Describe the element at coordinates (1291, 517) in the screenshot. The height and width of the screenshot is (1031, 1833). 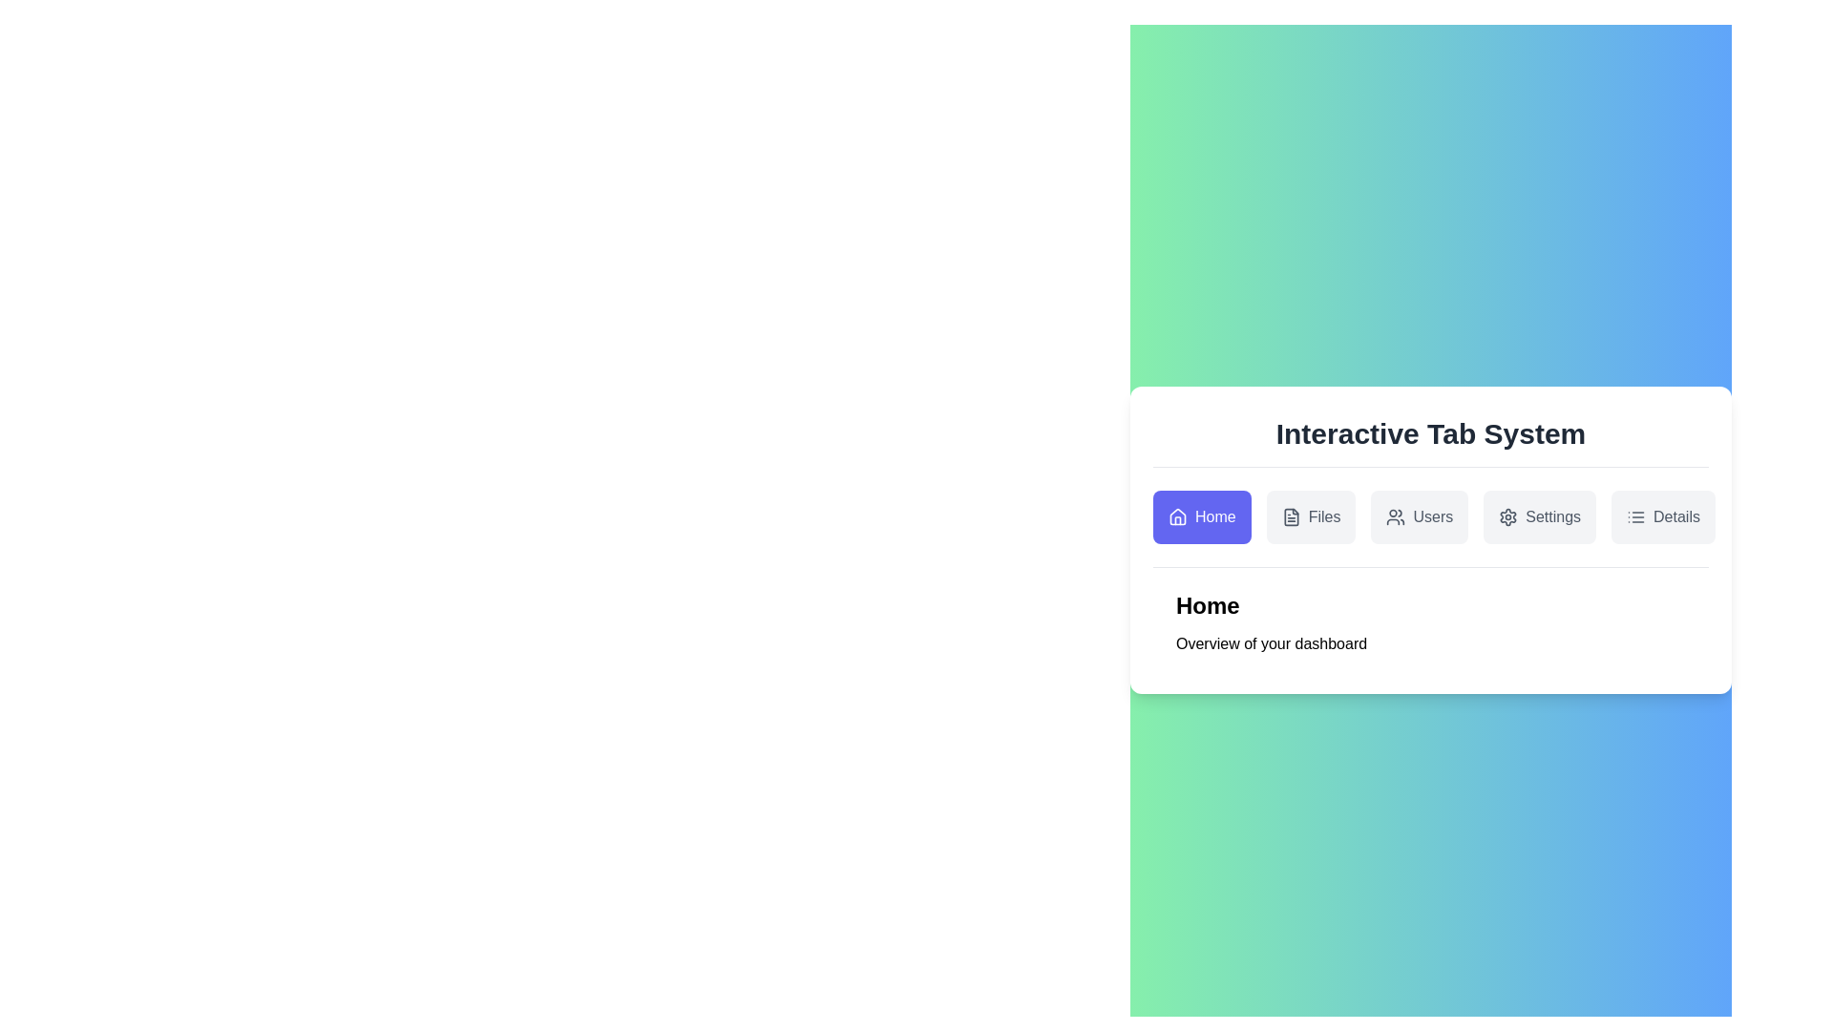
I see `the document icon with three stacked lines located inside the 'Files' button in the upper-central navigation bar` at that location.